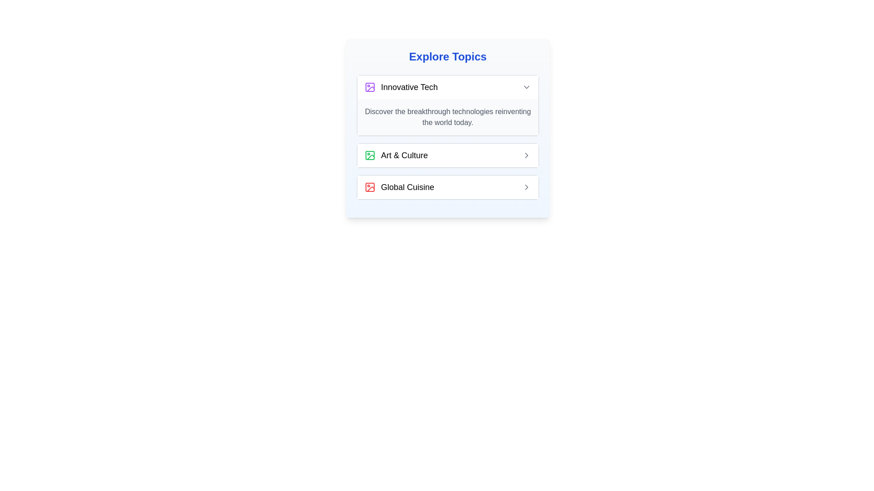 The height and width of the screenshot is (491, 874). What do you see at coordinates (409, 87) in the screenshot?
I see `the text label 'Innovative Tech' which is displayed in plain black font, located to the right of a purple icon within the 'Explore Topics' section` at bounding box center [409, 87].